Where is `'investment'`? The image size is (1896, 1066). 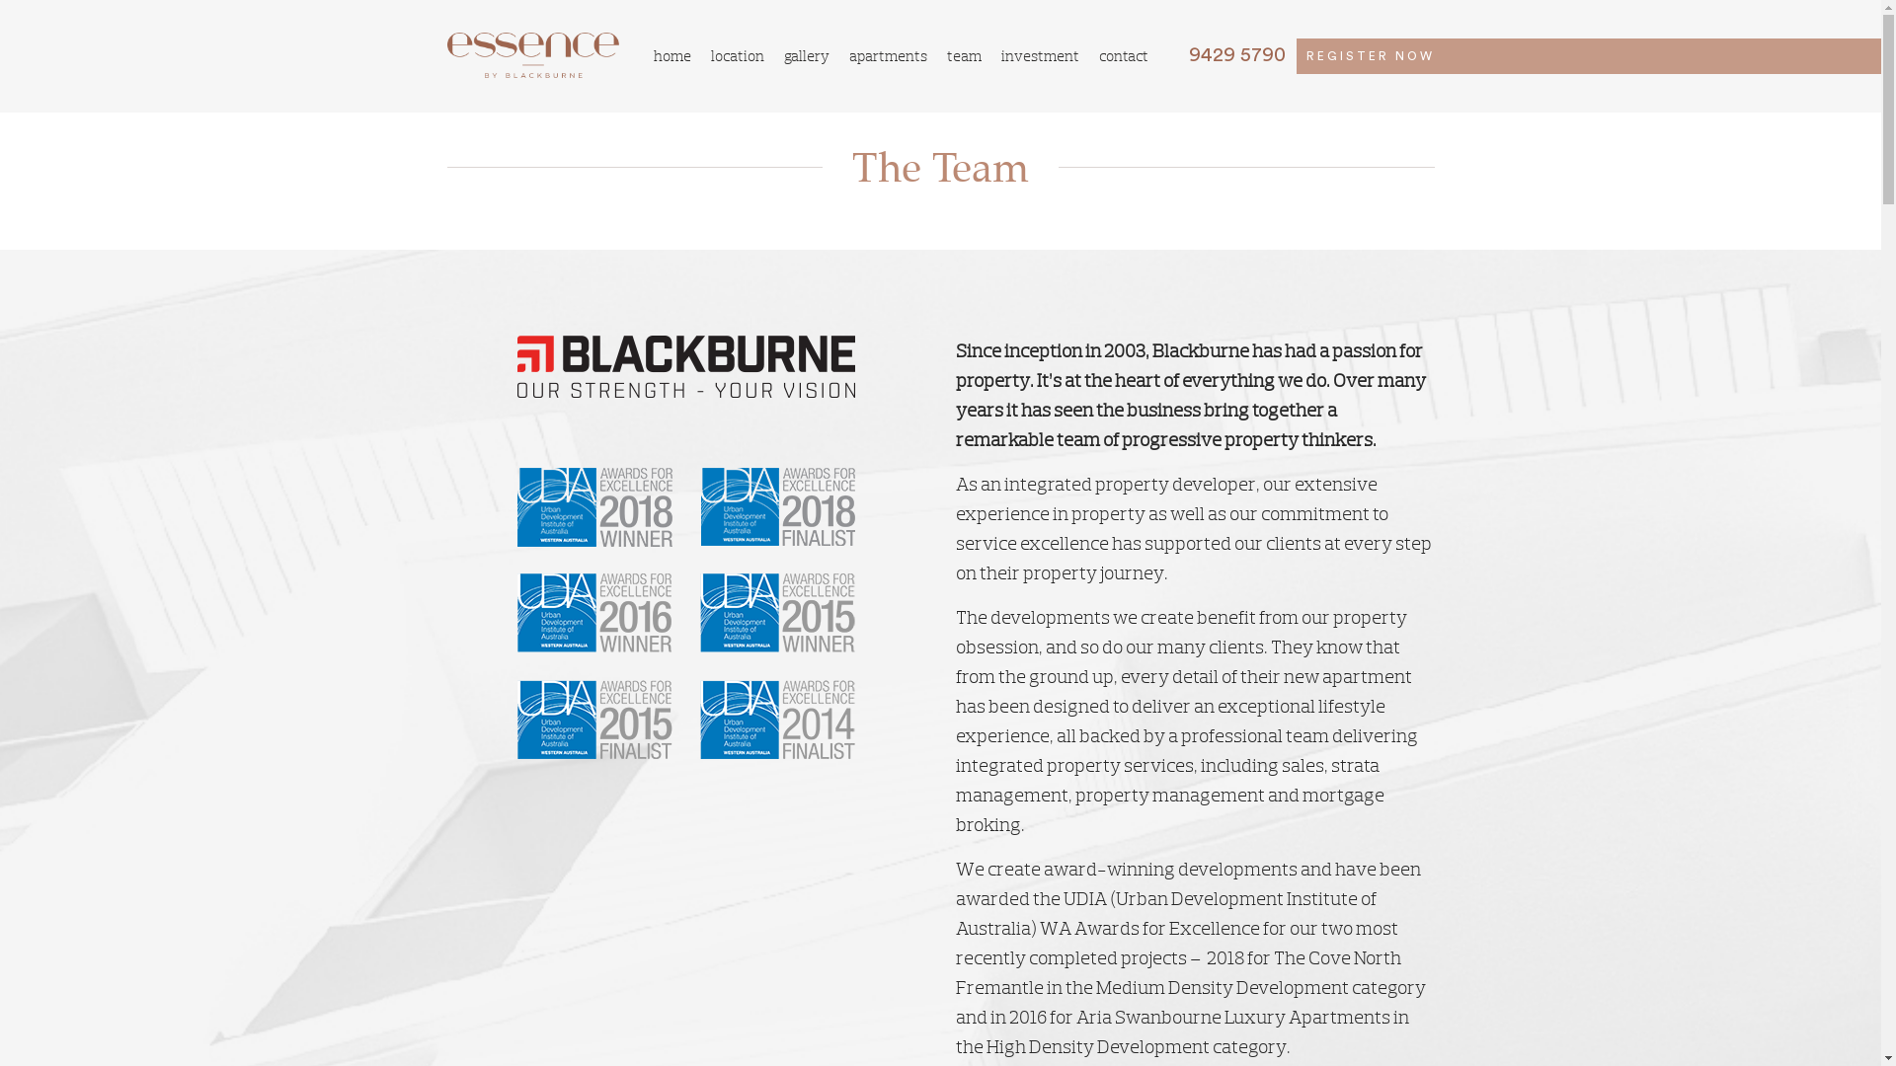
'investment' is located at coordinates (1039, 54).